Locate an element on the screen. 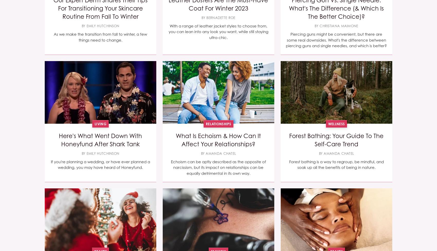 This screenshot has width=437, height=251. 'What Is Echoism & How Can It Affect Your Relationships?' is located at coordinates (218, 140).